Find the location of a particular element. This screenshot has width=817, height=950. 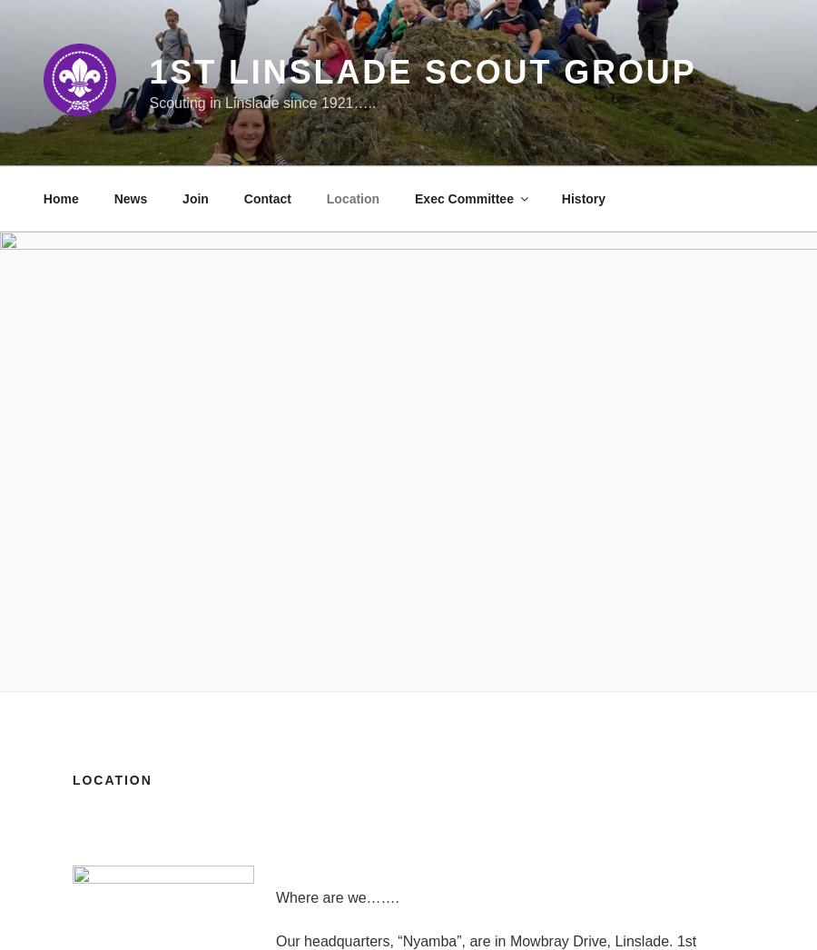

'Contact' is located at coordinates (266, 196).